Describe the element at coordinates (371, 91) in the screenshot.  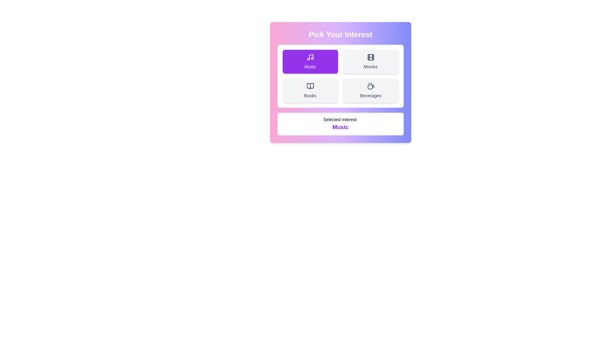
I see `the button corresponding to the interest Beverages` at that location.